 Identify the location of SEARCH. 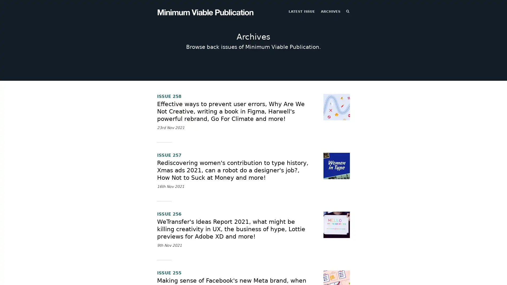
(336, 11).